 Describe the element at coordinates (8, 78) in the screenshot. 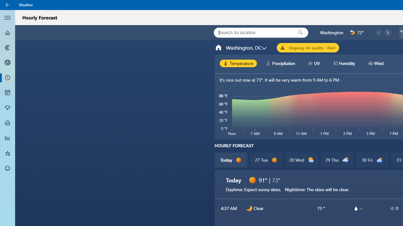

I see `'Hourly Forecast - Not Selected'` at that location.